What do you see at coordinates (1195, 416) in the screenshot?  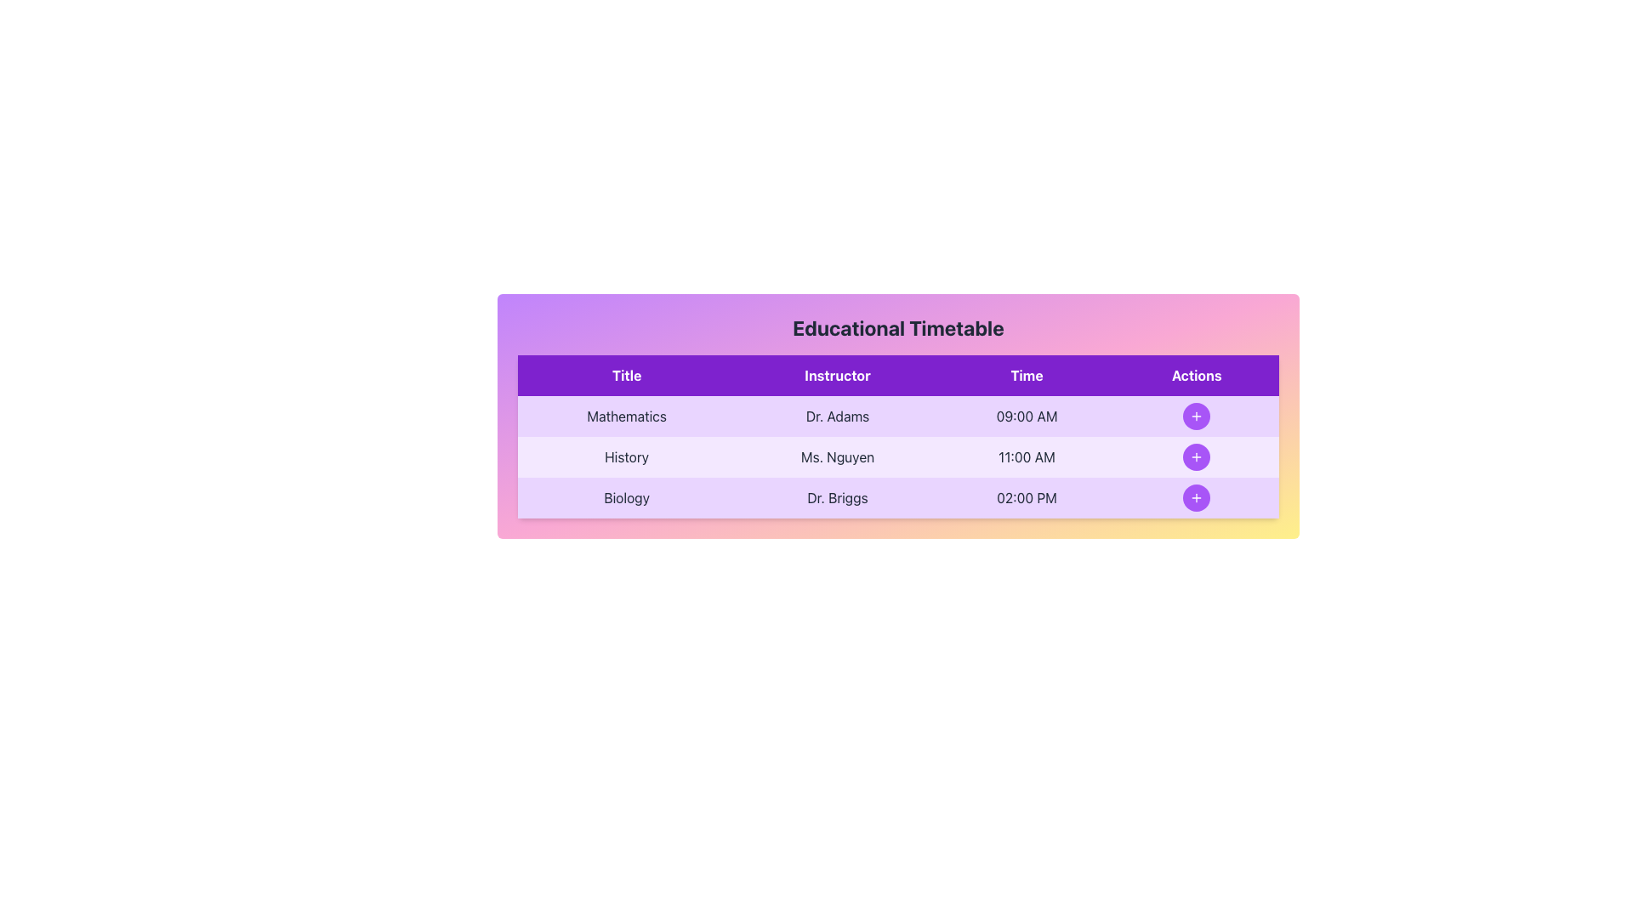 I see `the 'add' button located in the 'Actions' column under the 'Mathematics' row` at bounding box center [1195, 416].